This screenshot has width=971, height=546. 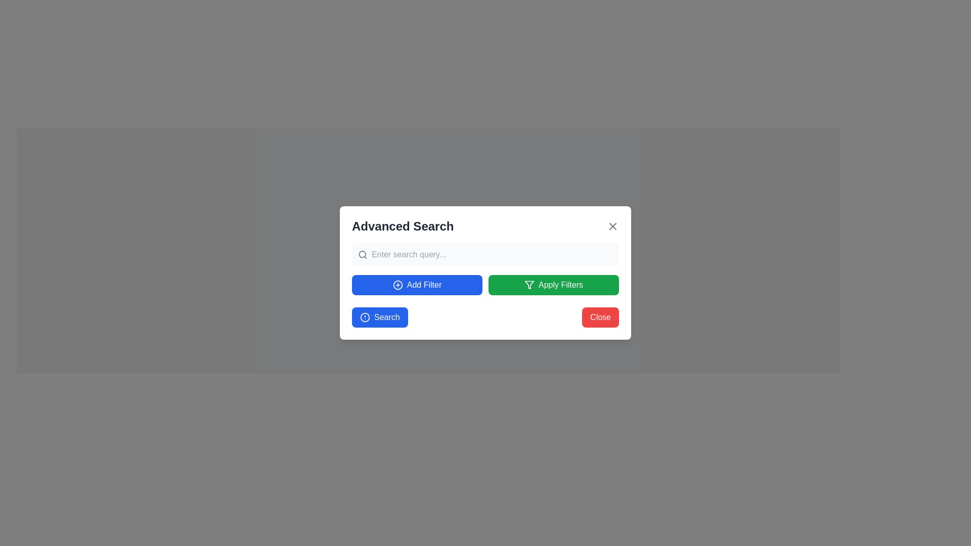 What do you see at coordinates (417, 285) in the screenshot?
I see `the 'Add Filter' button, which has rounded edges, a blue background, white text, and a plus icon, located in the bottom-left quadrant of the modal` at bounding box center [417, 285].